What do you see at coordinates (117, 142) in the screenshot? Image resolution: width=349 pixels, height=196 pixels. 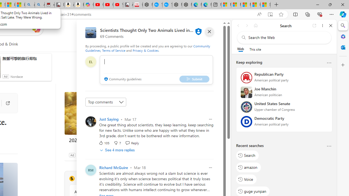 I see `'Dislike'` at bounding box center [117, 142].